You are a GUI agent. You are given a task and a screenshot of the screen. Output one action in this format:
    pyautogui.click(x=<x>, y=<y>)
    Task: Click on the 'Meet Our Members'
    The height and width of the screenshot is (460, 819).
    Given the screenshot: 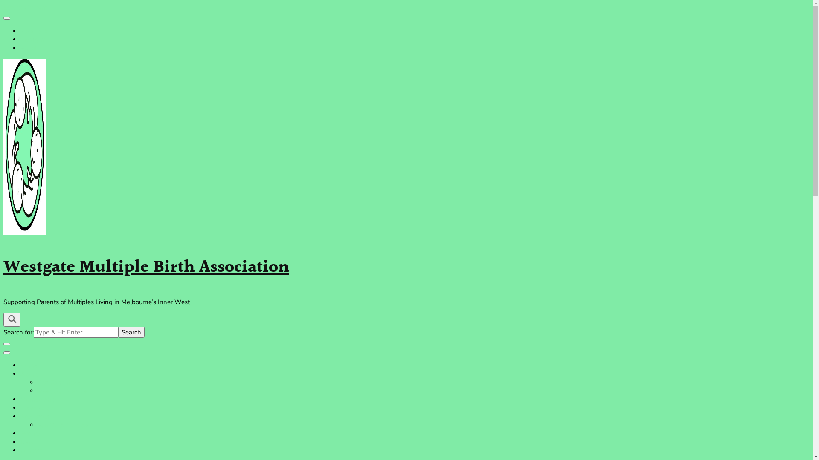 What is the action you would take?
    pyautogui.click(x=65, y=391)
    